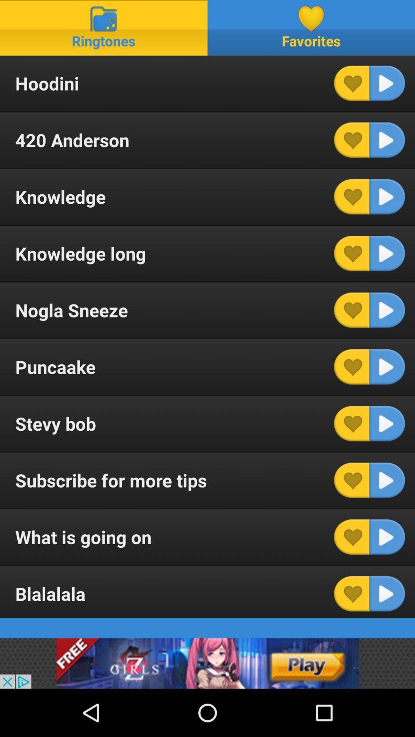 This screenshot has height=737, width=415. I want to click on like, so click(352, 197).